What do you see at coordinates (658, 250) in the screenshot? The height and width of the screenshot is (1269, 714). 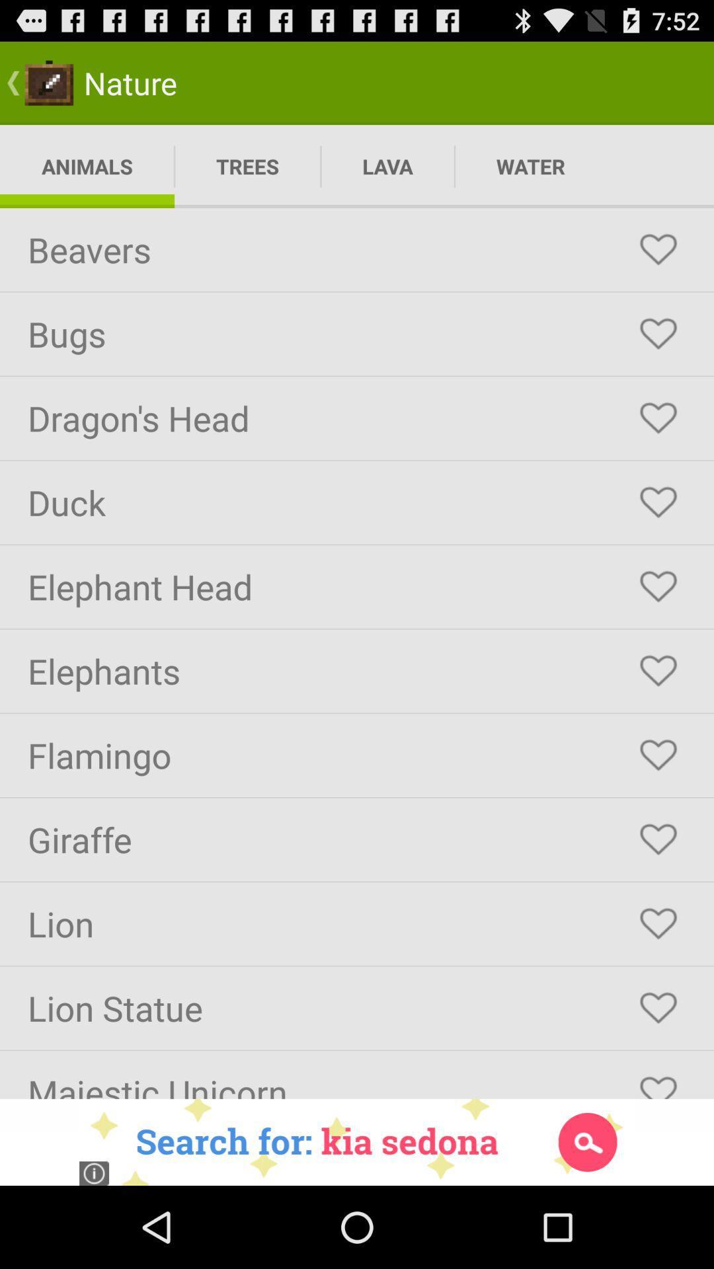 I see `button` at bounding box center [658, 250].